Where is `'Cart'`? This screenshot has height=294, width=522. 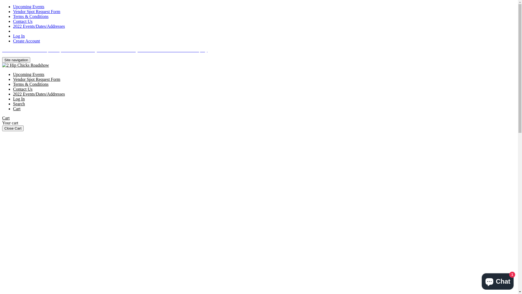
'Cart' is located at coordinates (17, 109).